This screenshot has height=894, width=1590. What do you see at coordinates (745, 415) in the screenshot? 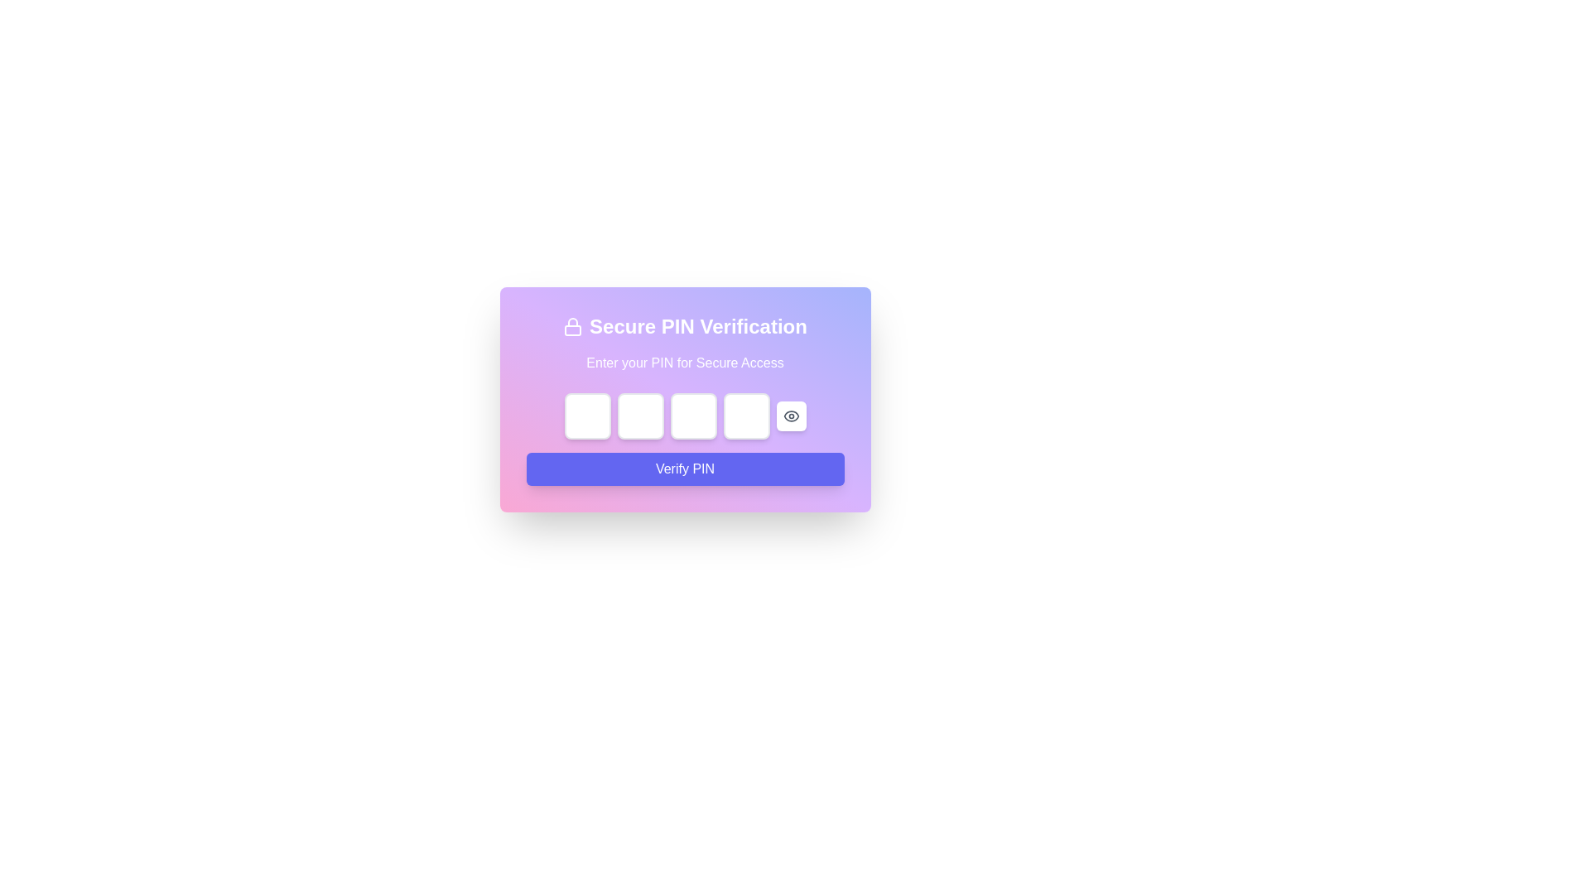
I see `on the fourth password input box in the PIN verification interface` at bounding box center [745, 415].